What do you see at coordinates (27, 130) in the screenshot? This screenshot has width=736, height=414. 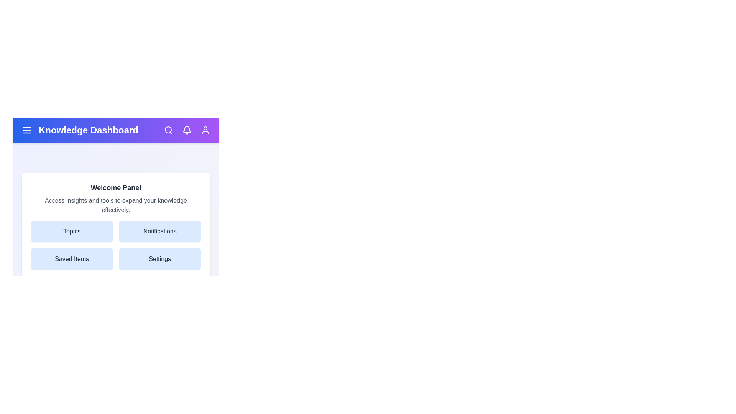 I see `the menu icon to toggle the menu visibility` at bounding box center [27, 130].